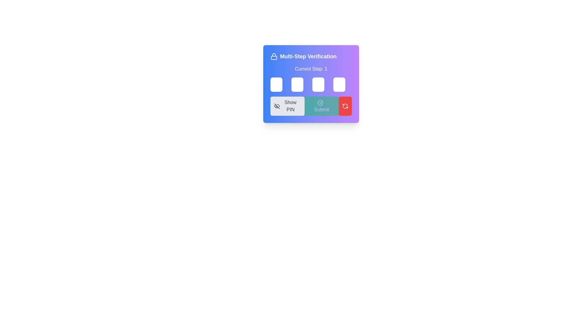  Describe the element at coordinates (274, 58) in the screenshot. I see `the bottom rectangle of the lock icon, which is a simple rectangular shape with a gradient background, positioned centrally below the shackle part of the lock illustration` at that location.